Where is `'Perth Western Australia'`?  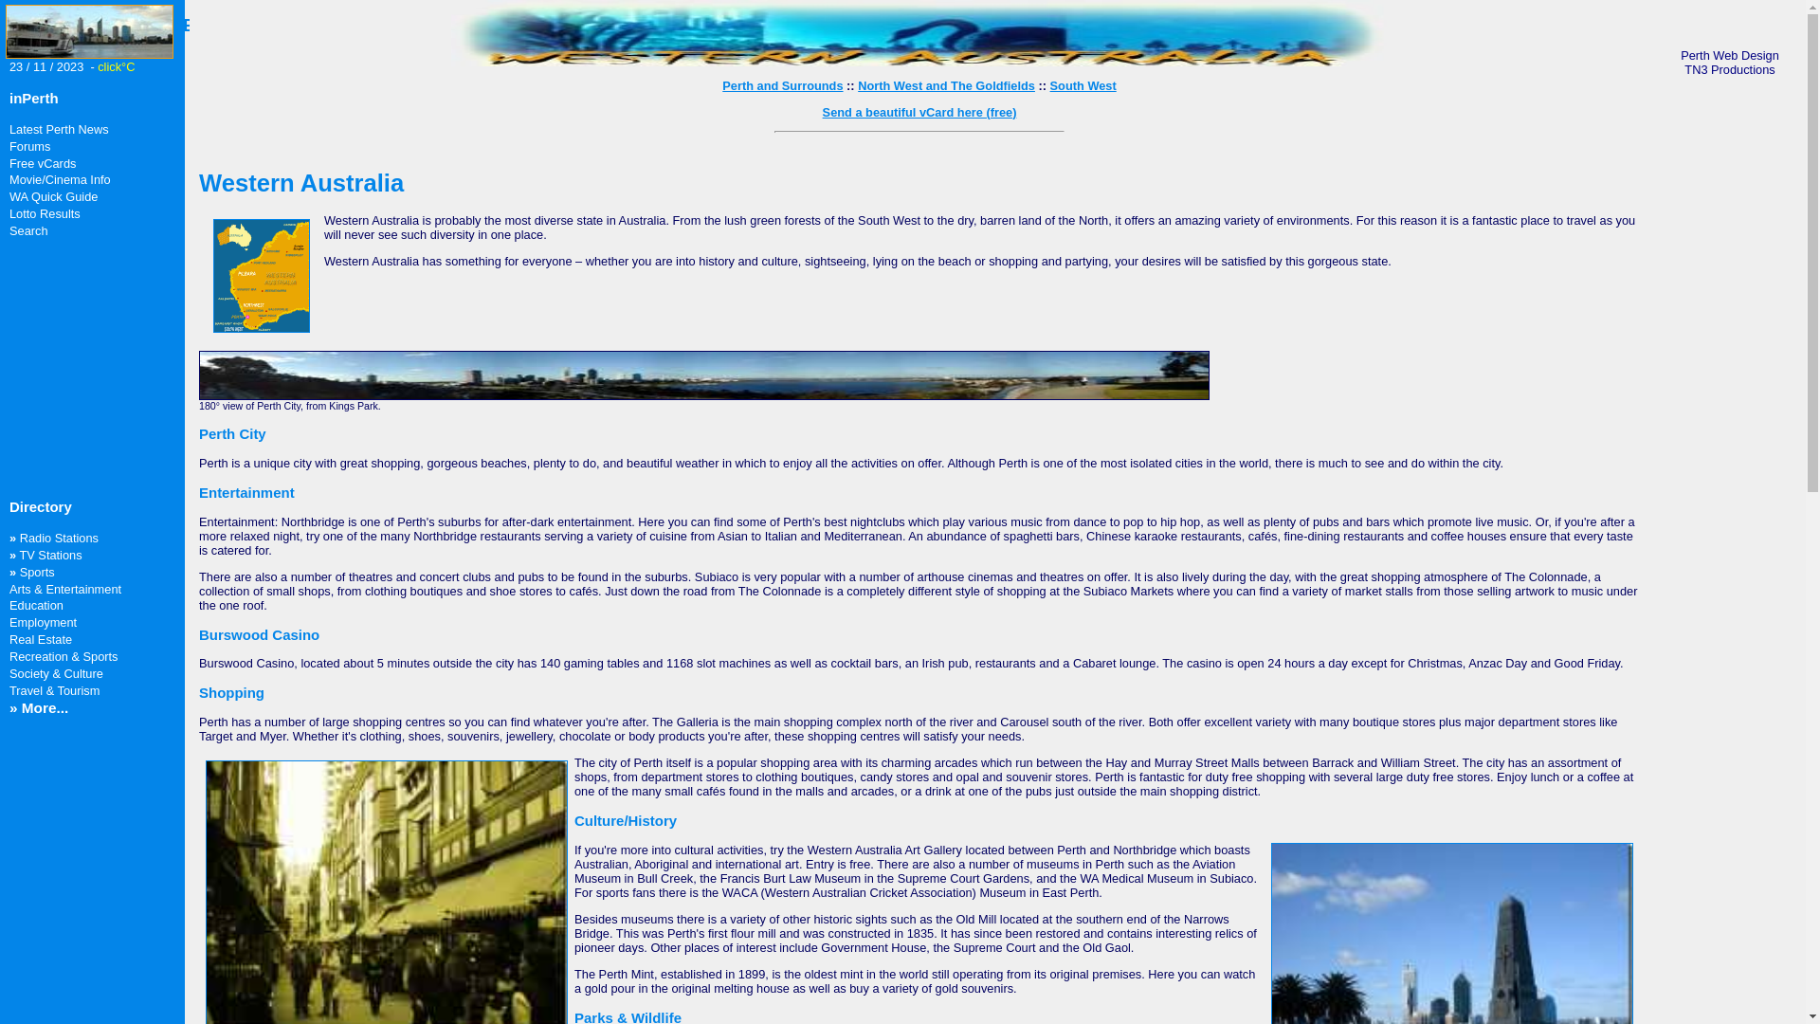 'Perth Western Australia' is located at coordinates (919, 61).